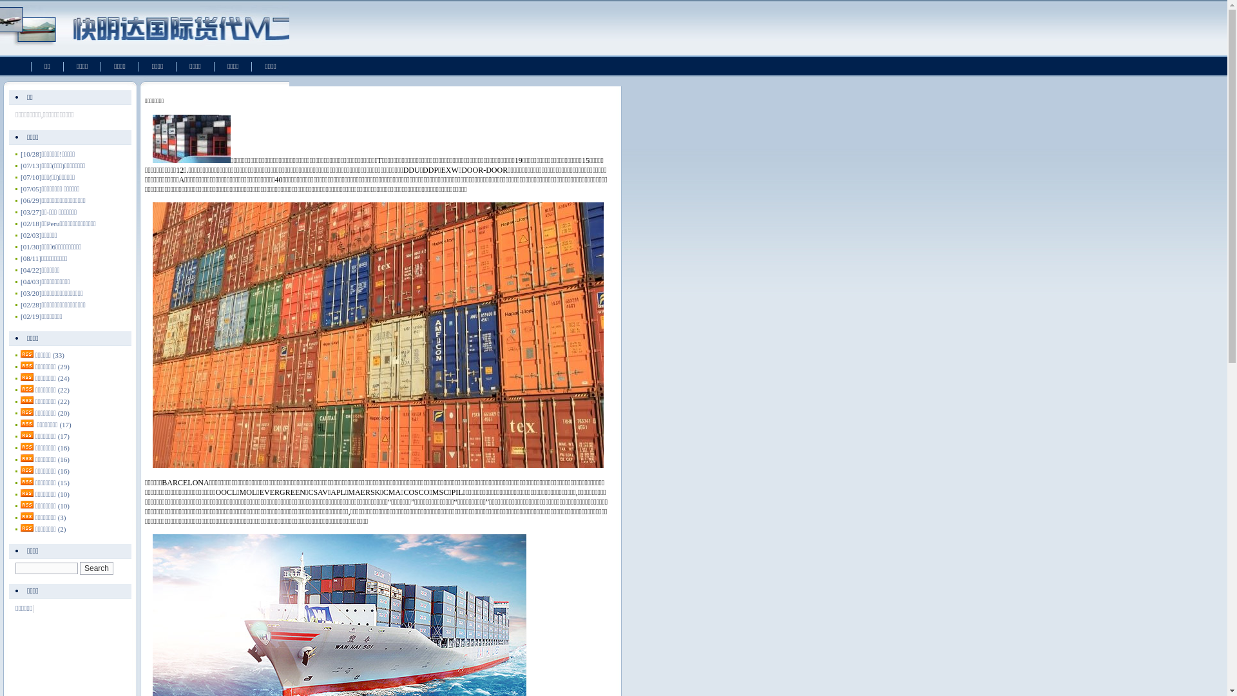  Describe the element at coordinates (21, 457) in the screenshot. I see `'rss'` at that location.